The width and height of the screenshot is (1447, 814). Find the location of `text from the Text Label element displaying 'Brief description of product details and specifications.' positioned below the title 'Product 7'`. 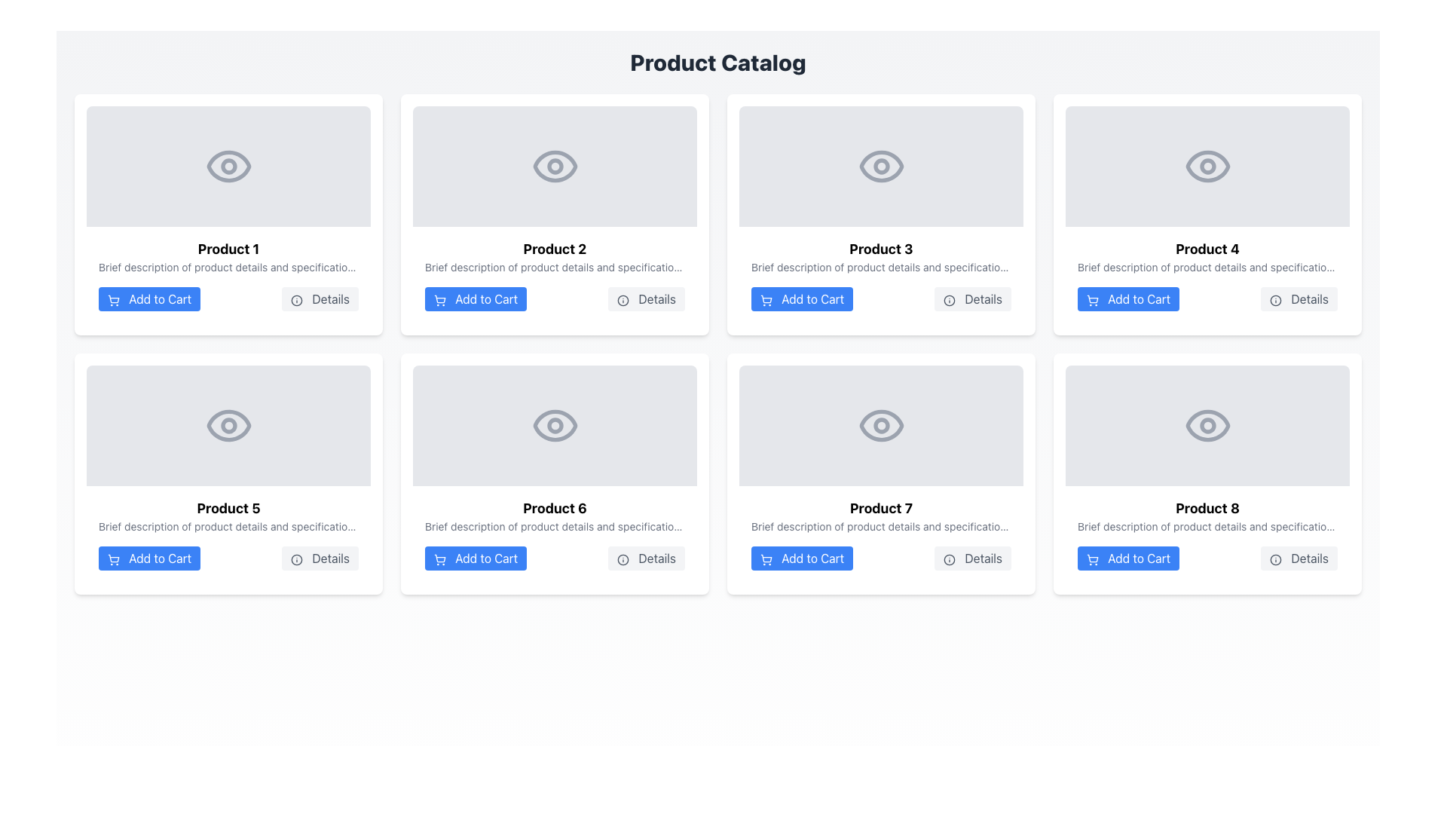

text from the Text Label element displaying 'Brief description of product details and specifications.' positioned below the title 'Product 7' is located at coordinates (881, 525).